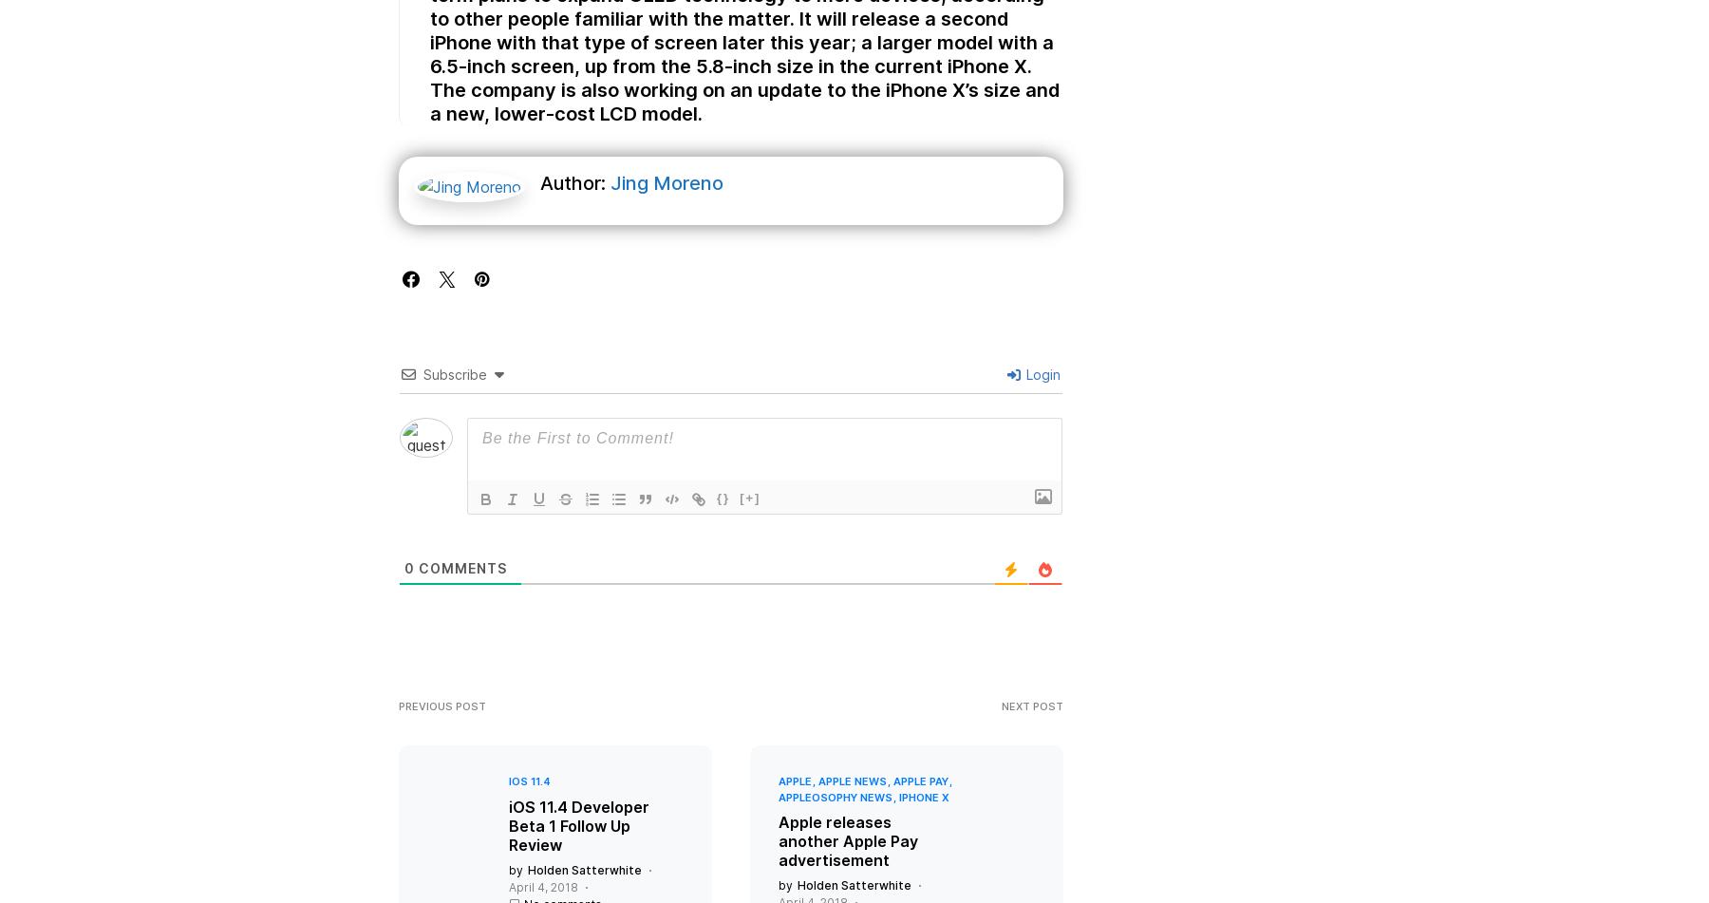  I want to click on 'by', so click(515, 887).